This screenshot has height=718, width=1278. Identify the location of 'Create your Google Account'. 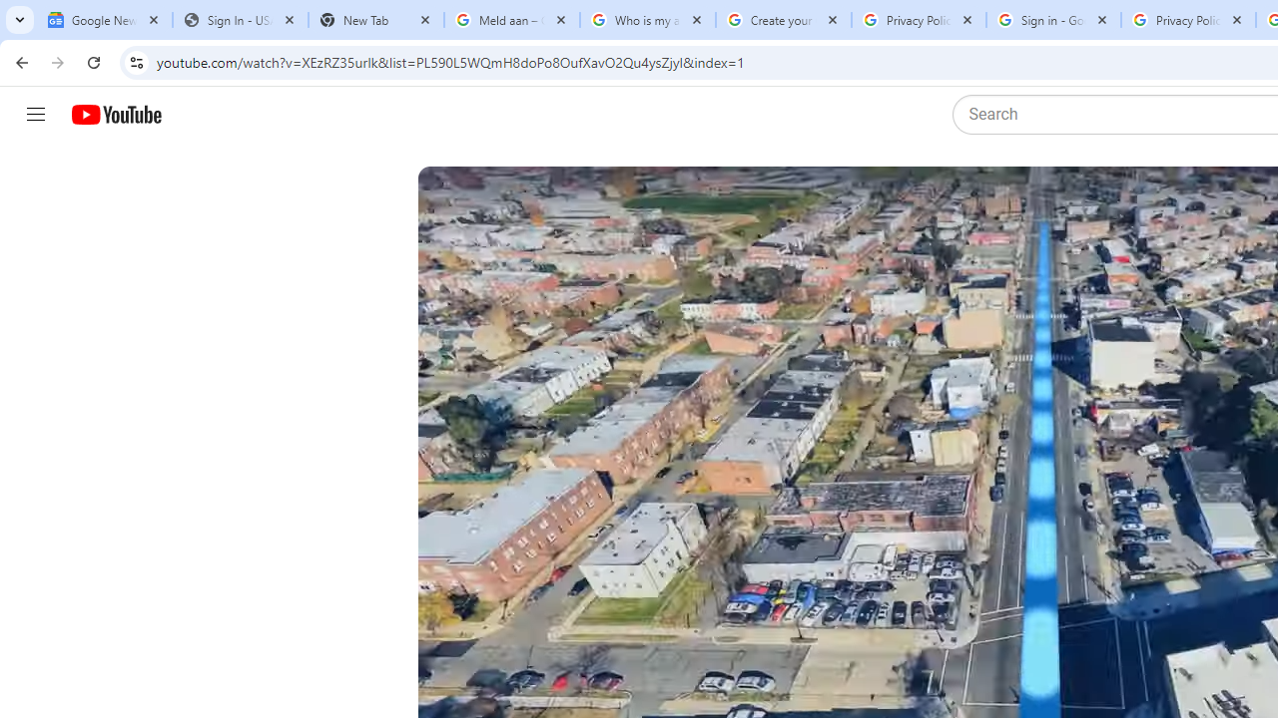
(782, 20).